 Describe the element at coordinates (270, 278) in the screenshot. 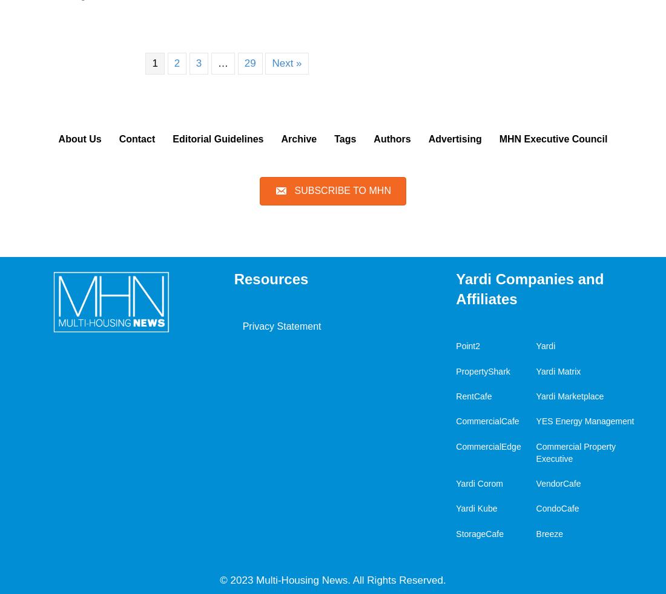

I see `'Resources'` at that location.